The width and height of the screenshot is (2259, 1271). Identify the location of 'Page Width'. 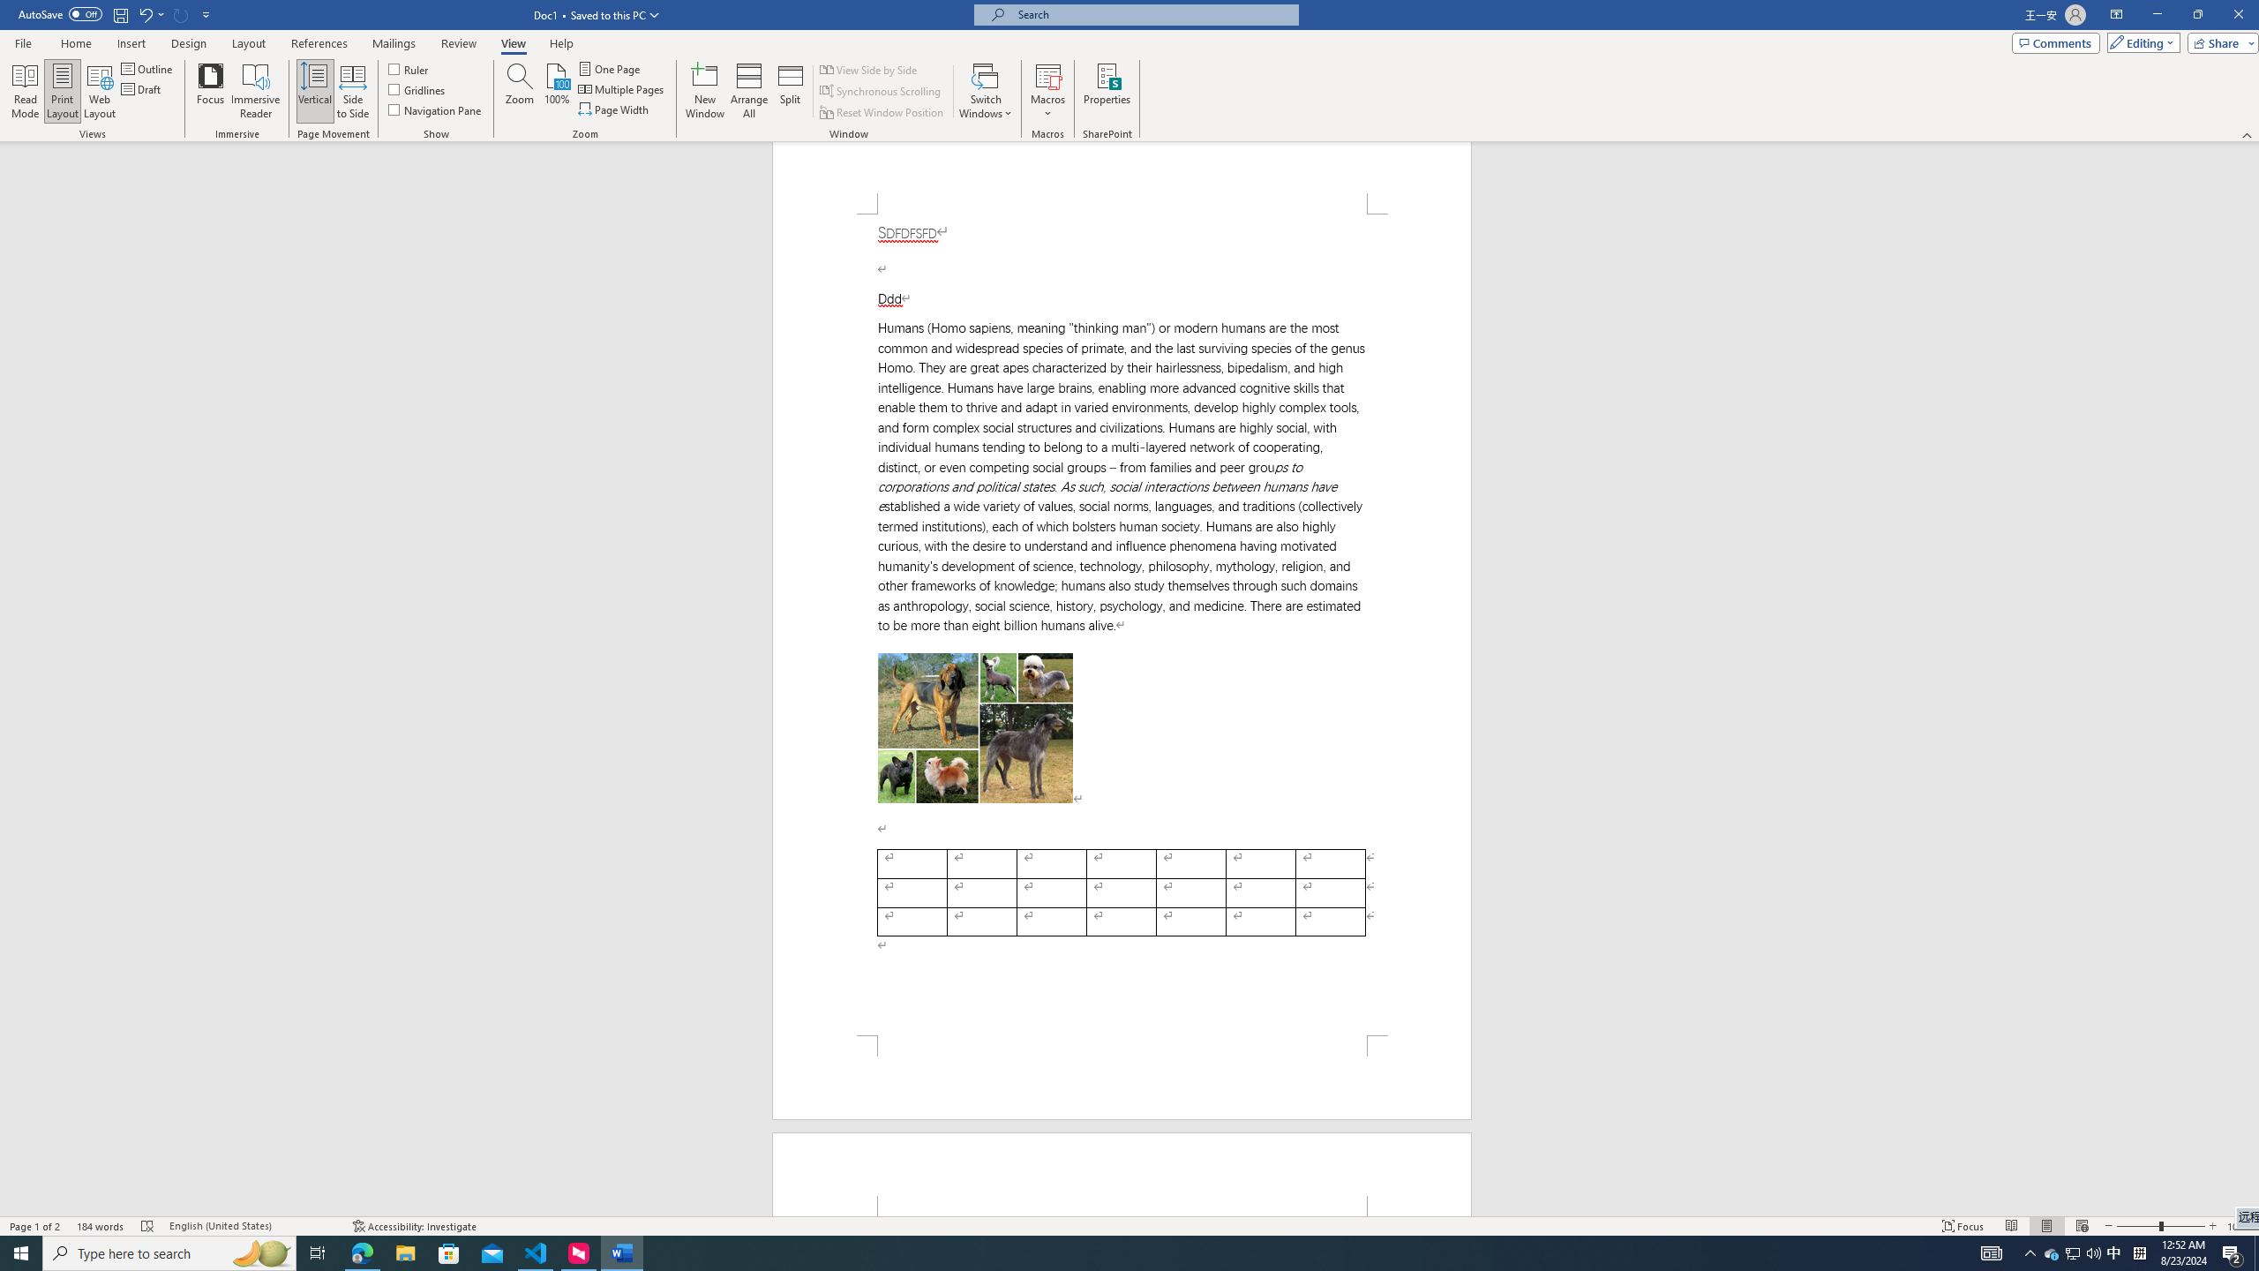
(615, 108).